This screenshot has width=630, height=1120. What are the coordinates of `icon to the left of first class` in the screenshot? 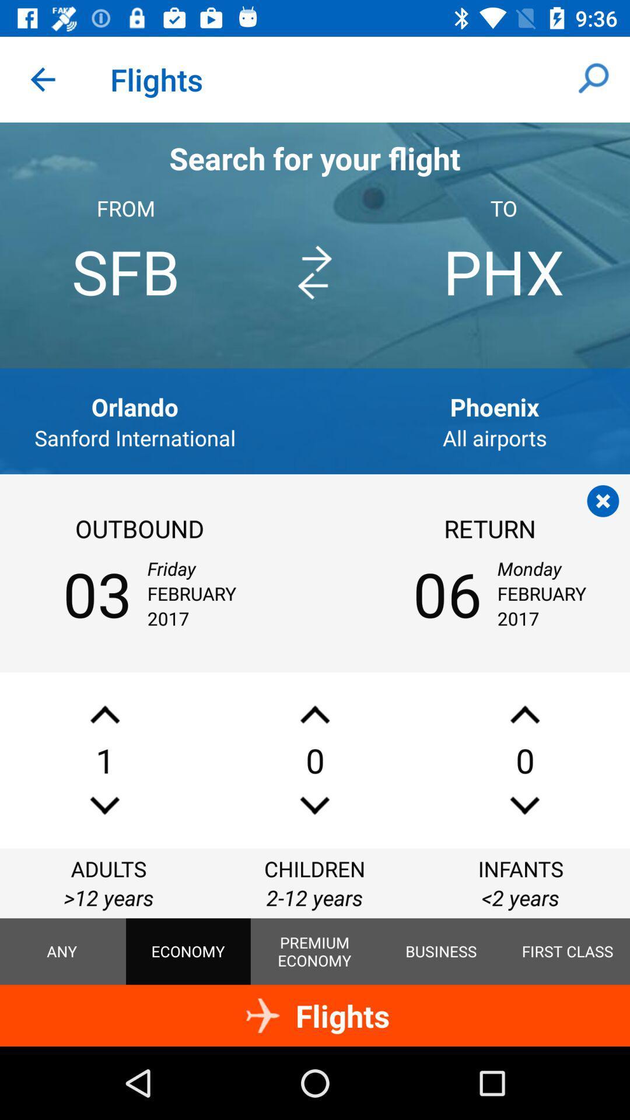 It's located at (441, 951).